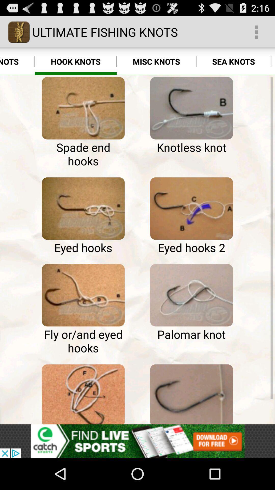 This screenshot has width=275, height=490. Describe the element at coordinates (83, 209) in the screenshot. I see `google search` at that location.